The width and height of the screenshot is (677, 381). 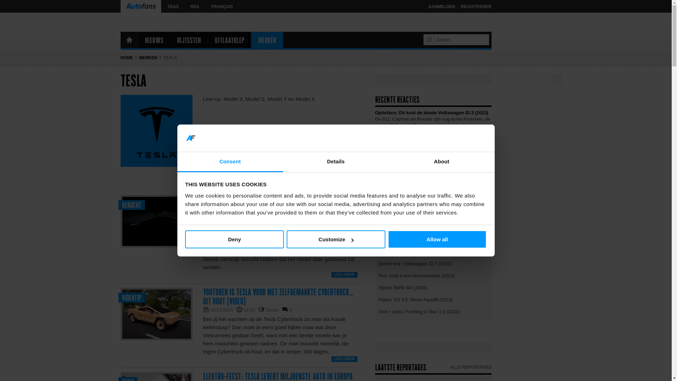 I want to click on 'REGISTREREN', so click(x=461, y=7).